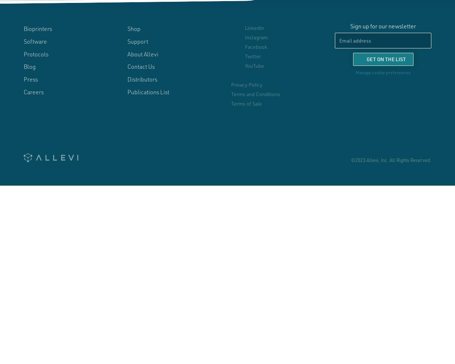 The width and height of the screenshot is (455, 364). What do you see at coordinates (245, 47) in the screenshot?
I see `'Facebook'` at bounding box center [245, 47].